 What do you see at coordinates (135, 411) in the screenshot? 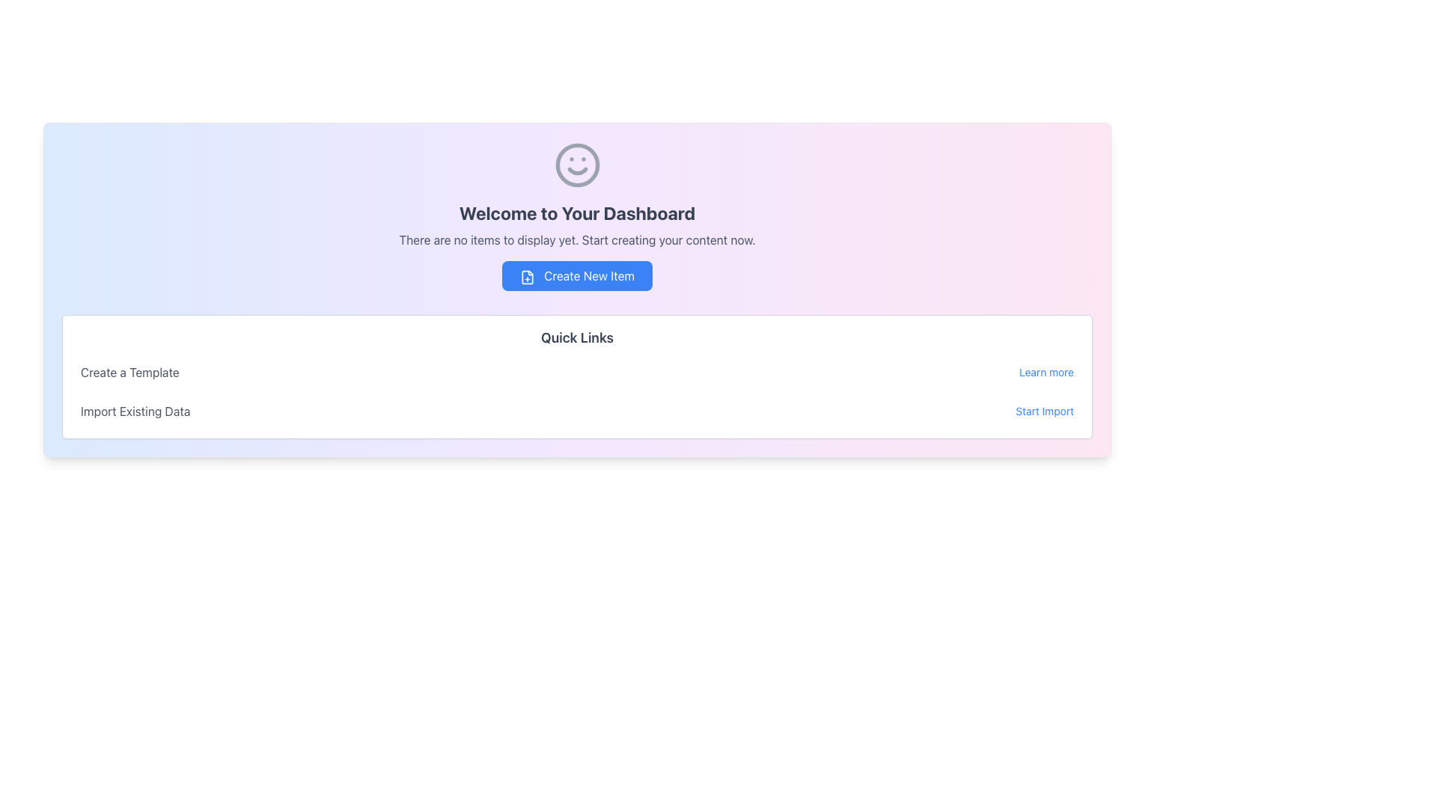
I see `the static text label that provides contextual information about the adjacent 'Start Import' link, which is positioned to its right within the 'Import Existing Data' section` at bounding box center [135, 411].